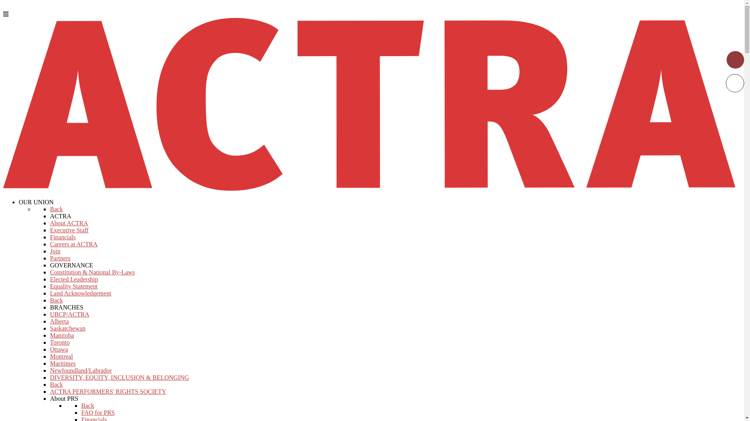 The width and height of the screenshot is (750, 421). I want to click on 'Manitoba', so click(50, 335).